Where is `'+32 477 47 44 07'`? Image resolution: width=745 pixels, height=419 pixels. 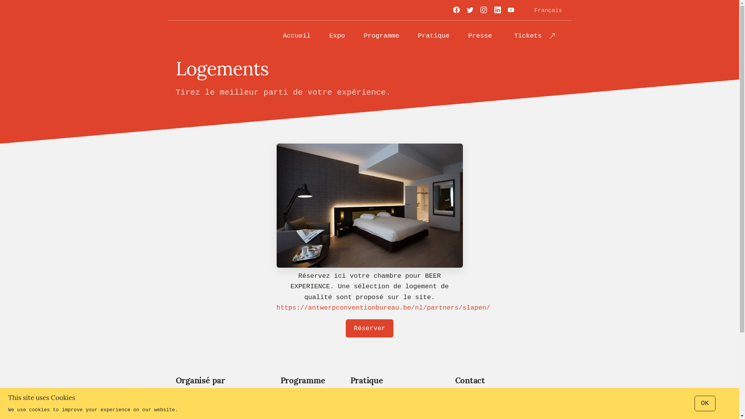
'+32 477 47 44 07' is located at coordinates (509, 409).